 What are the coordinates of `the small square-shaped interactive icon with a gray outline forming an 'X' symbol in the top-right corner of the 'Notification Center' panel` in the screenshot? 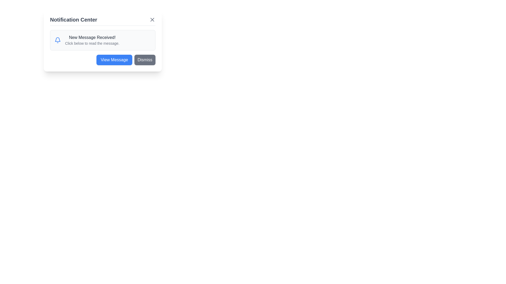 It's located at (152, 19).